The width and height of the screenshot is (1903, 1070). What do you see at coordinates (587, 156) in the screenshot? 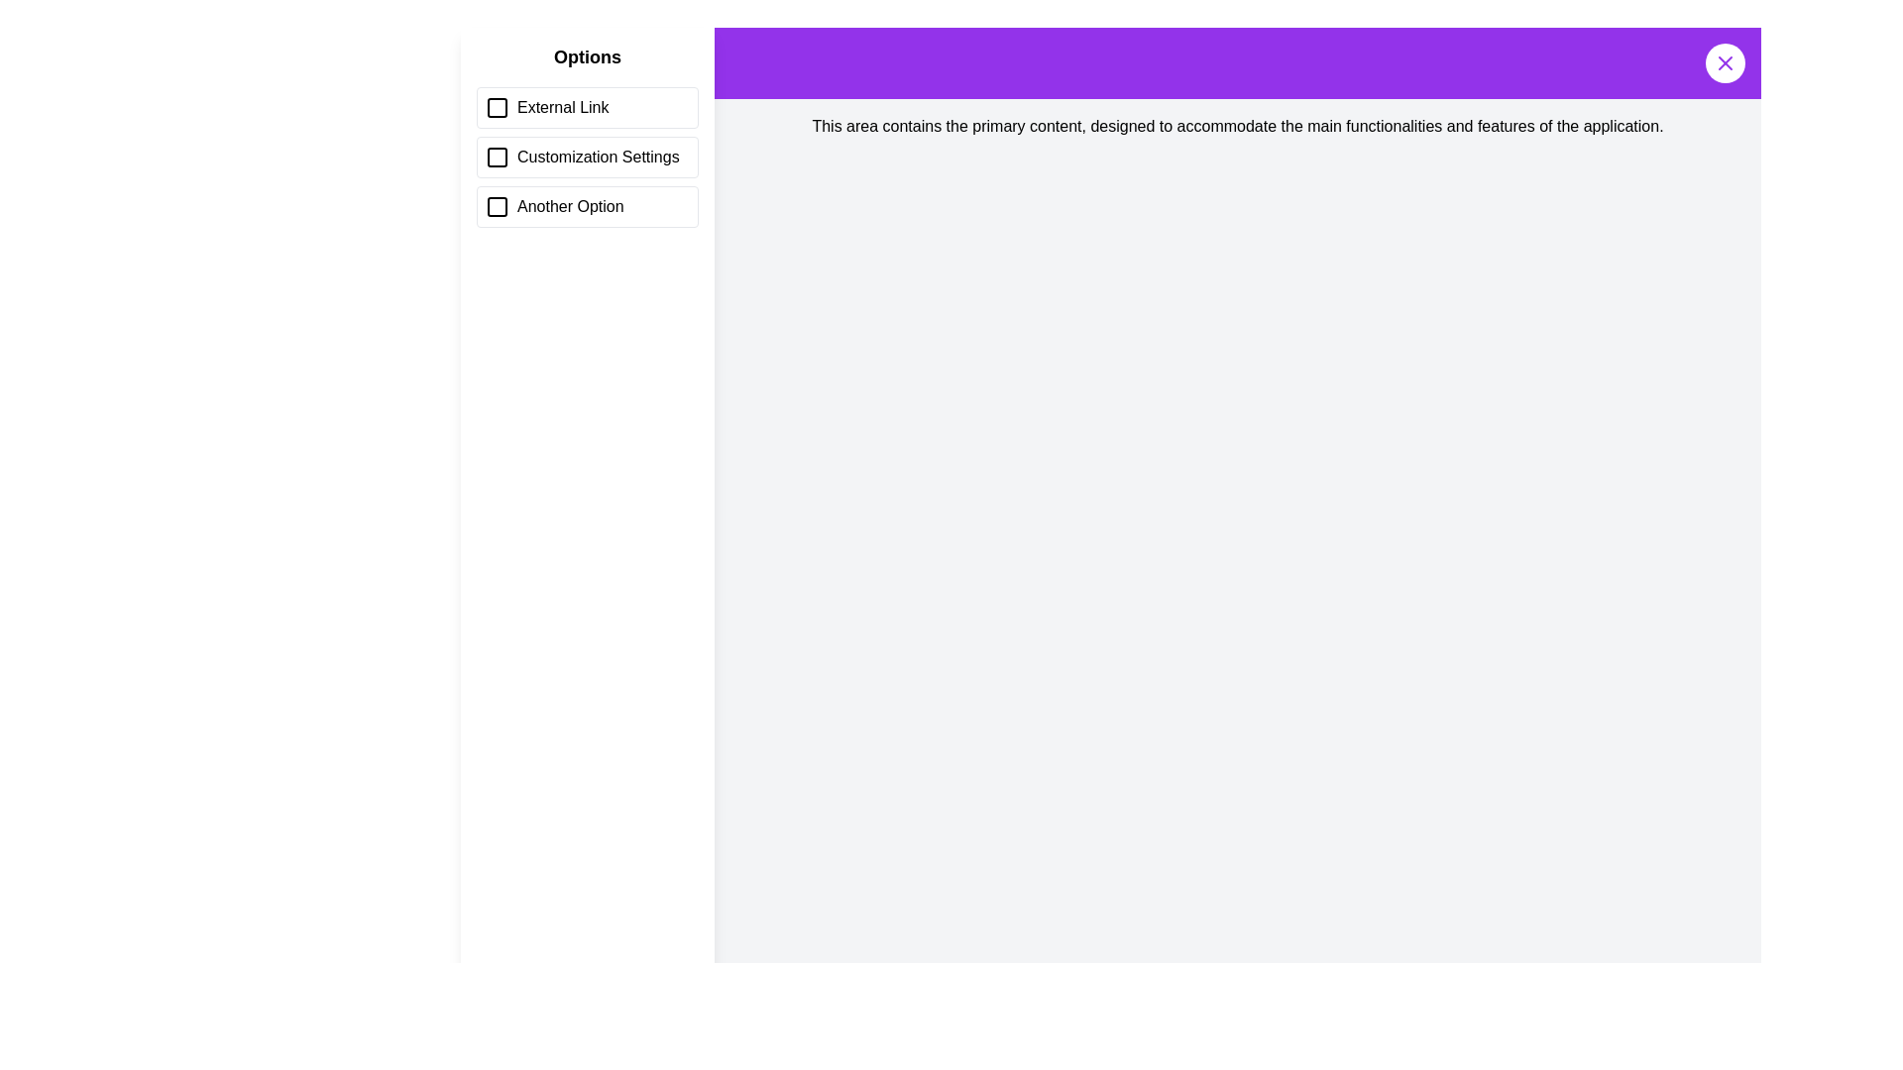
I see `the Checkbox labeled 'Customization Settings'` at bounding box center [587, 156].